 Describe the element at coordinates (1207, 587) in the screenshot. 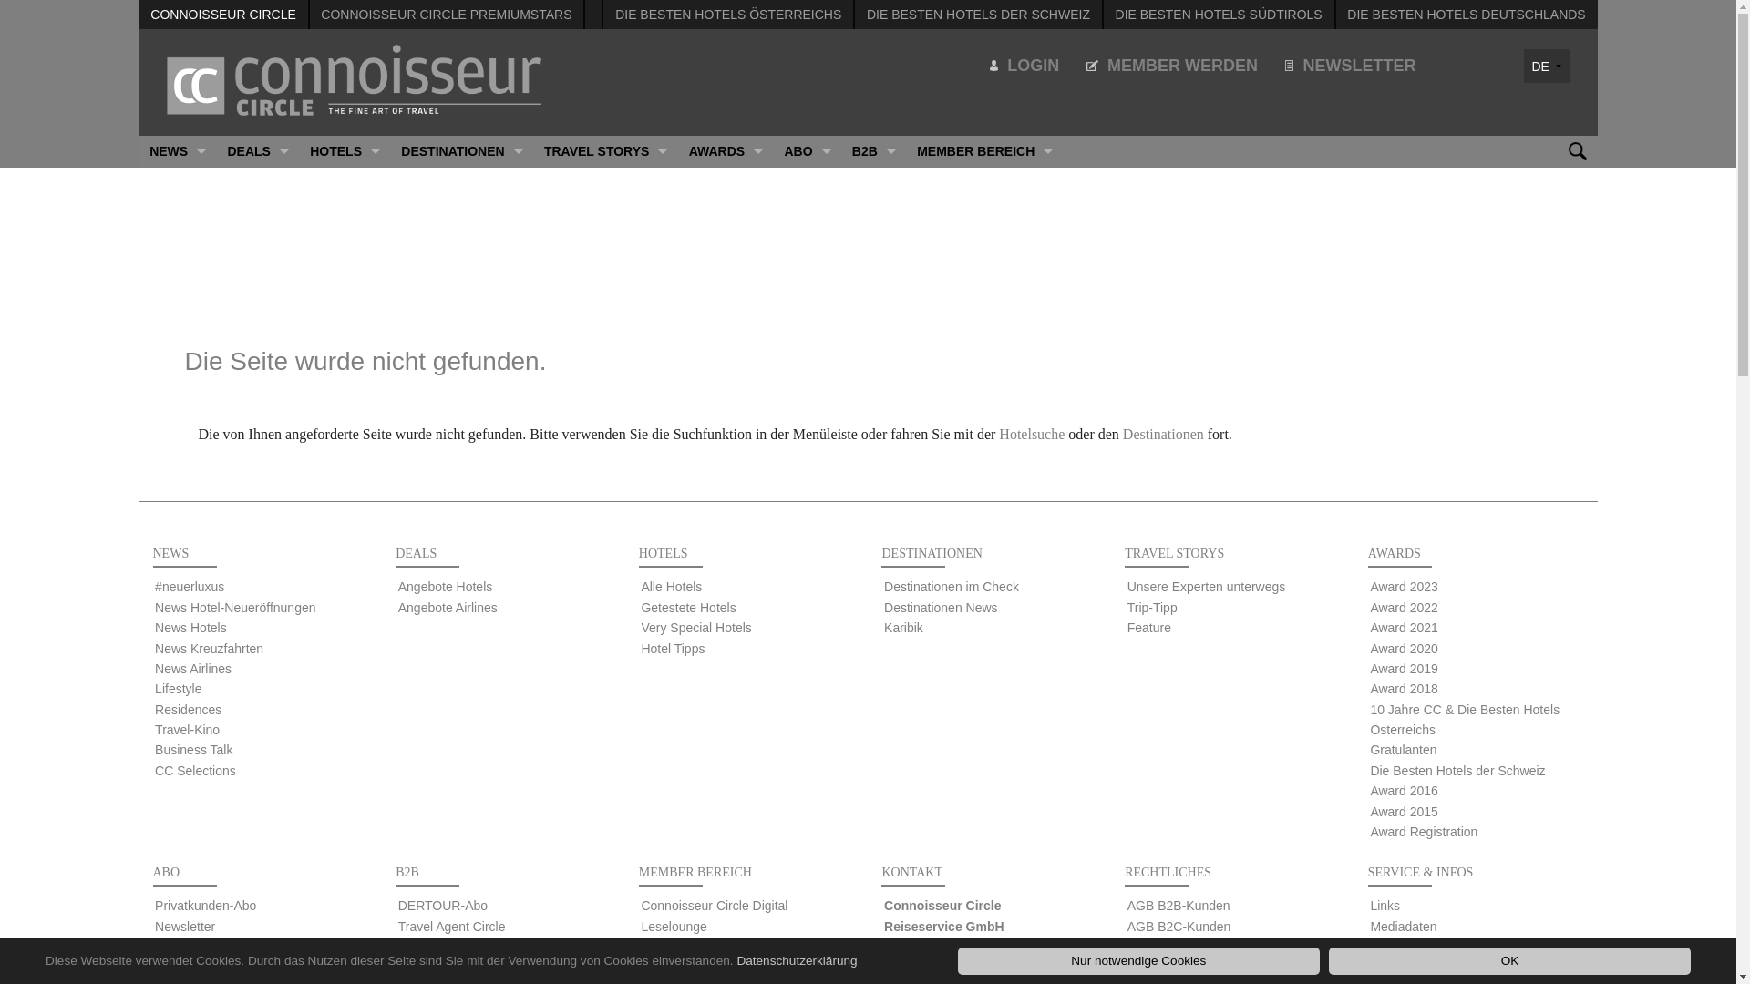

I see `'Unsere Experten unterwegs'` at that location.